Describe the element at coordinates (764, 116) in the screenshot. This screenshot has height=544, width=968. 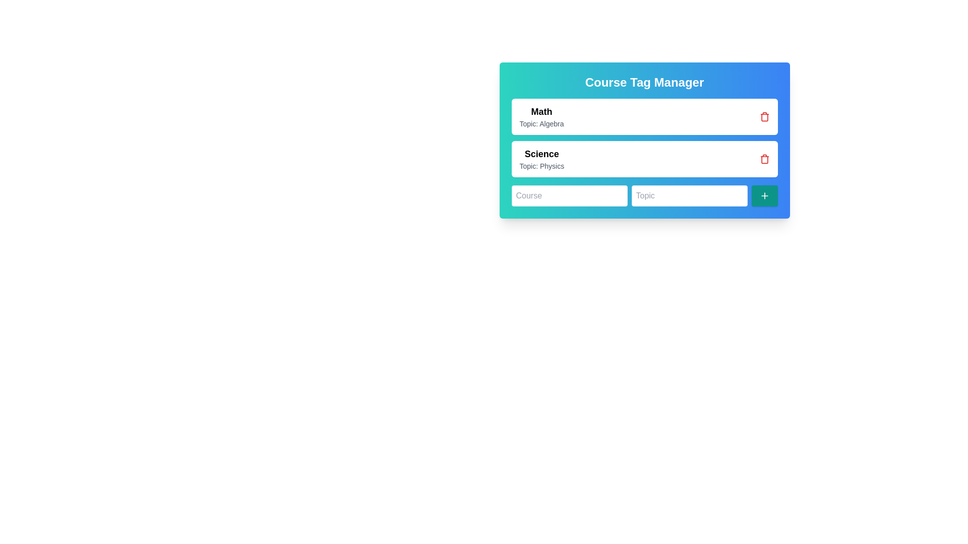
I see `the red trash bin icon button located at the top-right corner of the 'Math Topic: Algebra' panel` at that location.